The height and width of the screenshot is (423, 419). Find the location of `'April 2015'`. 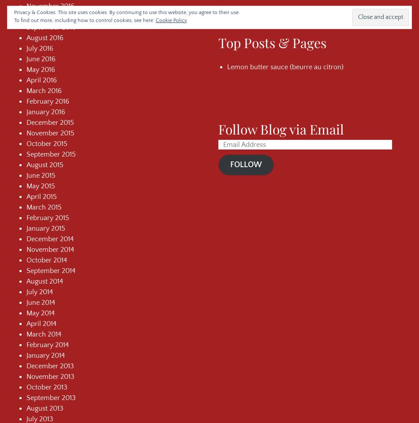

'April 2015' is located at coordinates (41, 195).